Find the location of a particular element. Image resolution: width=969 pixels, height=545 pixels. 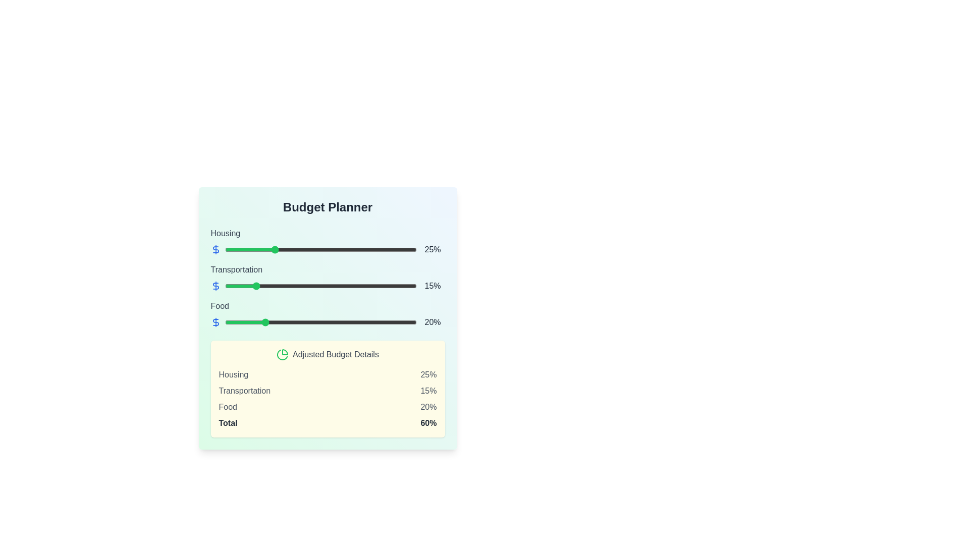

transportation budget percentage is located at coordinates (271, 286).